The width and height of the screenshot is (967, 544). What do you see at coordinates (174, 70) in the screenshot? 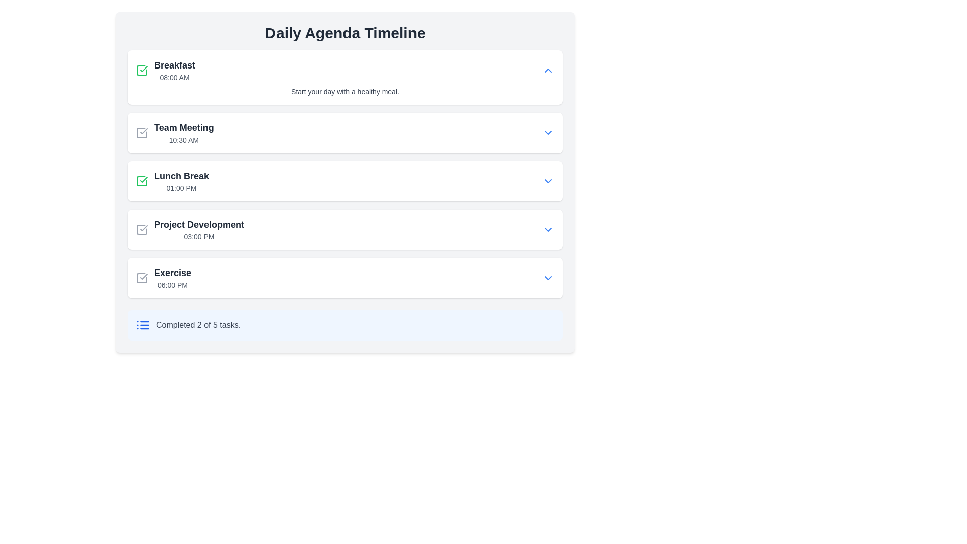
I see `the text label displaying 'Breakfast' at '08:00 AM' in the Daily Agenda Timeline interface` at bounding box center [174, 70].